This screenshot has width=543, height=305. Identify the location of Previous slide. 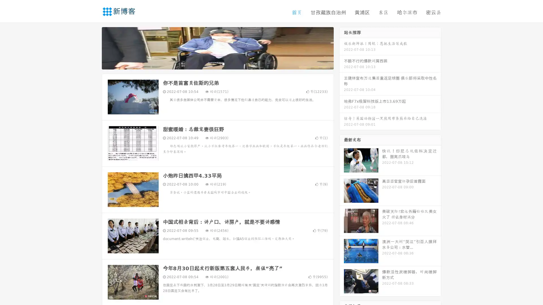
(93, 47).